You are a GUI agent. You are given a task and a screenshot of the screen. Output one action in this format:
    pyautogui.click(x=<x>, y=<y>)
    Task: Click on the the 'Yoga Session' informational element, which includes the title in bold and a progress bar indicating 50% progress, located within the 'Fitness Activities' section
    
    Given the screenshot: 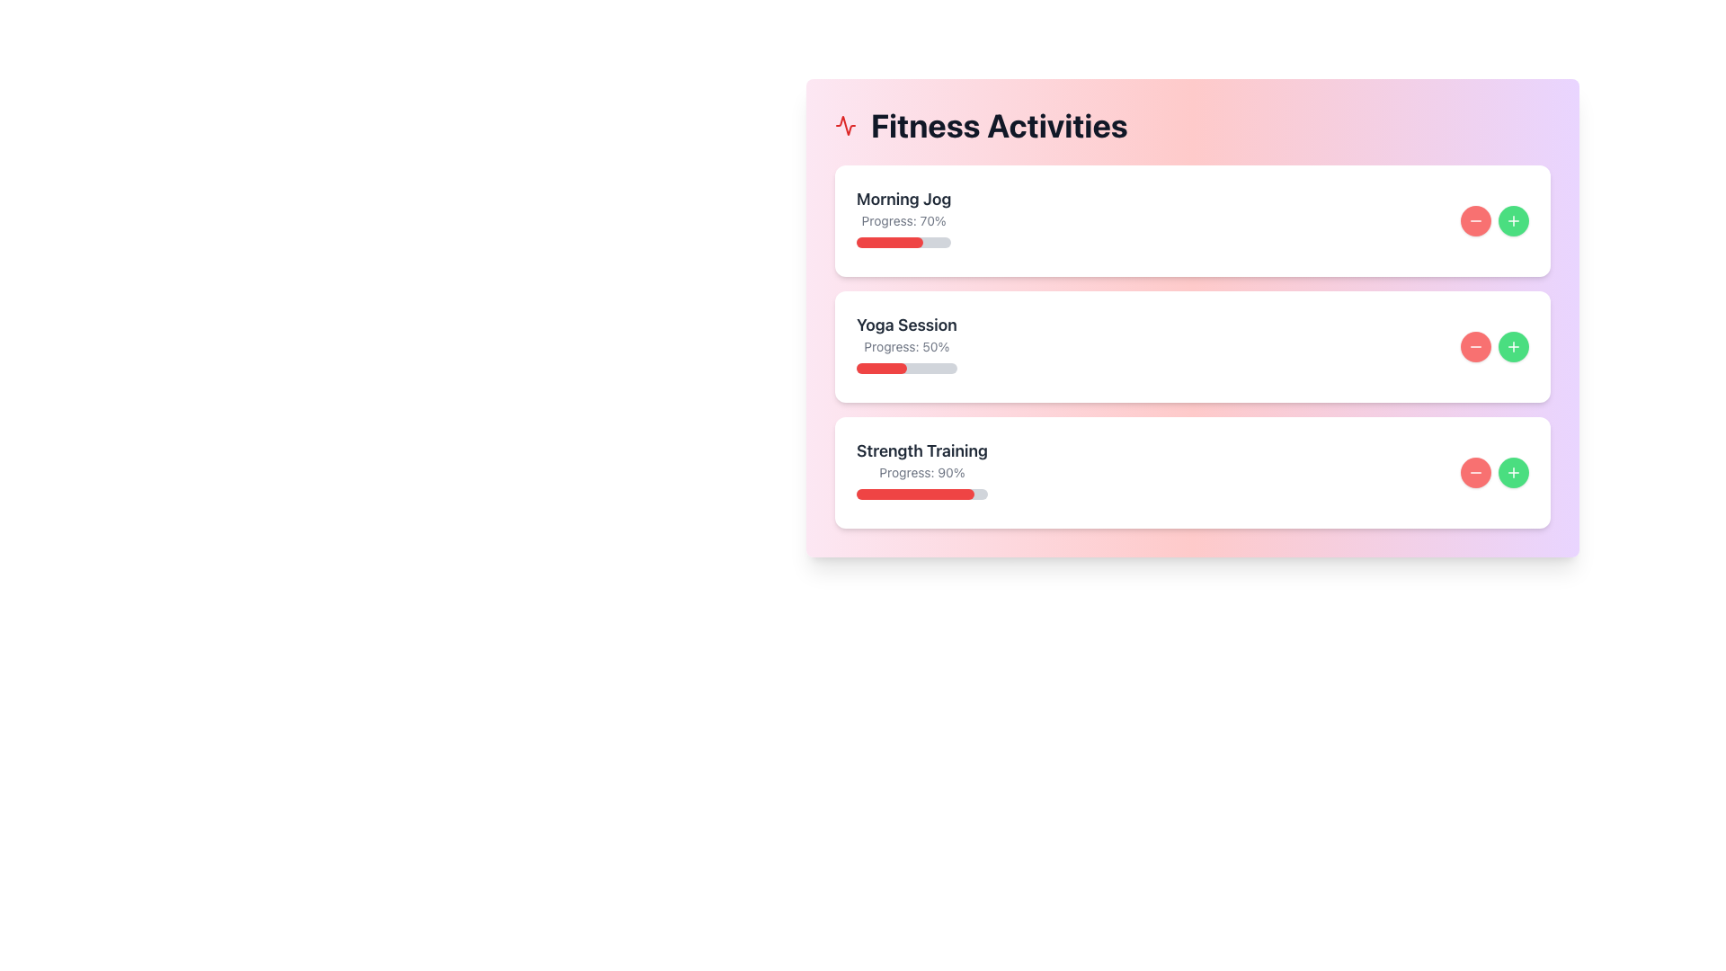 What is the action you would take?
    pyautogui.click(x=906, y=346)
    